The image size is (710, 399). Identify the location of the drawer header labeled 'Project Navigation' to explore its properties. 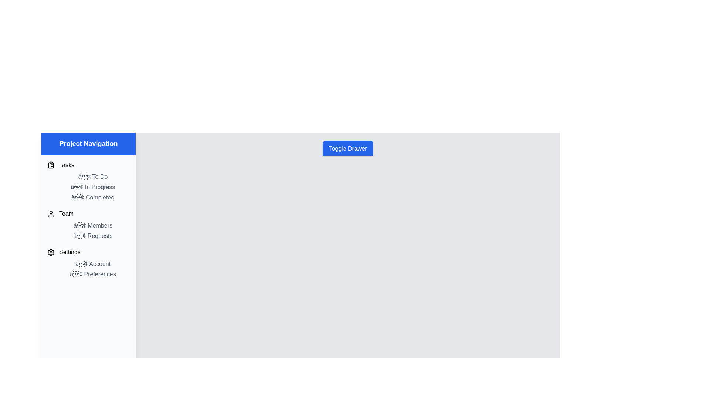
(88, 144).